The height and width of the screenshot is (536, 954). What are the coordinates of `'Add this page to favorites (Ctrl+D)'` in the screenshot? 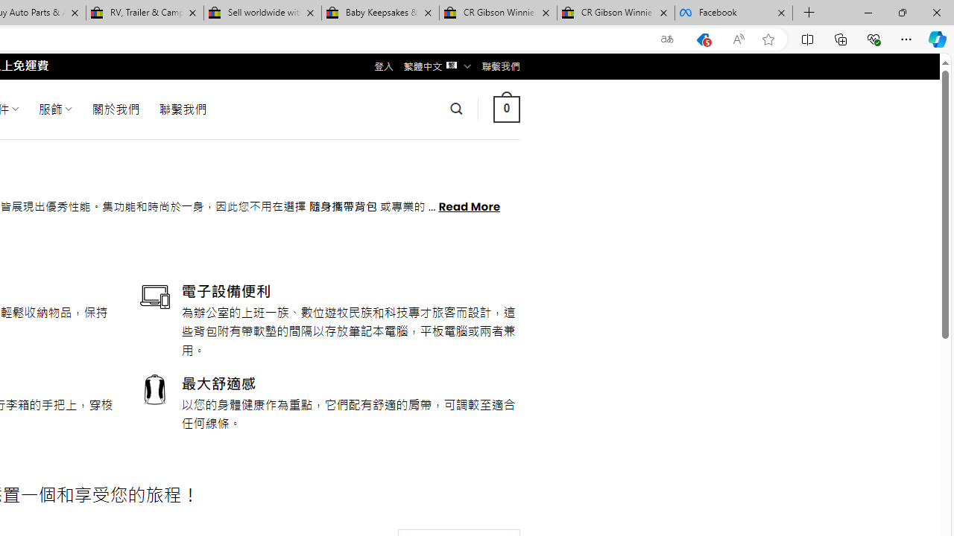 It's located at (768, 39).